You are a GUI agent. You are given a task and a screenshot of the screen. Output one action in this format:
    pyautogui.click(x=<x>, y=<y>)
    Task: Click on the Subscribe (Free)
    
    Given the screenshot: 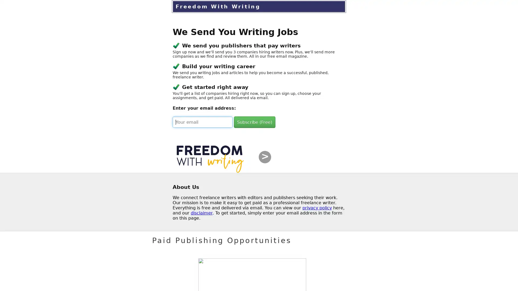 What is the action you would take?
    pyautogui.click(x=254, y=122)
    